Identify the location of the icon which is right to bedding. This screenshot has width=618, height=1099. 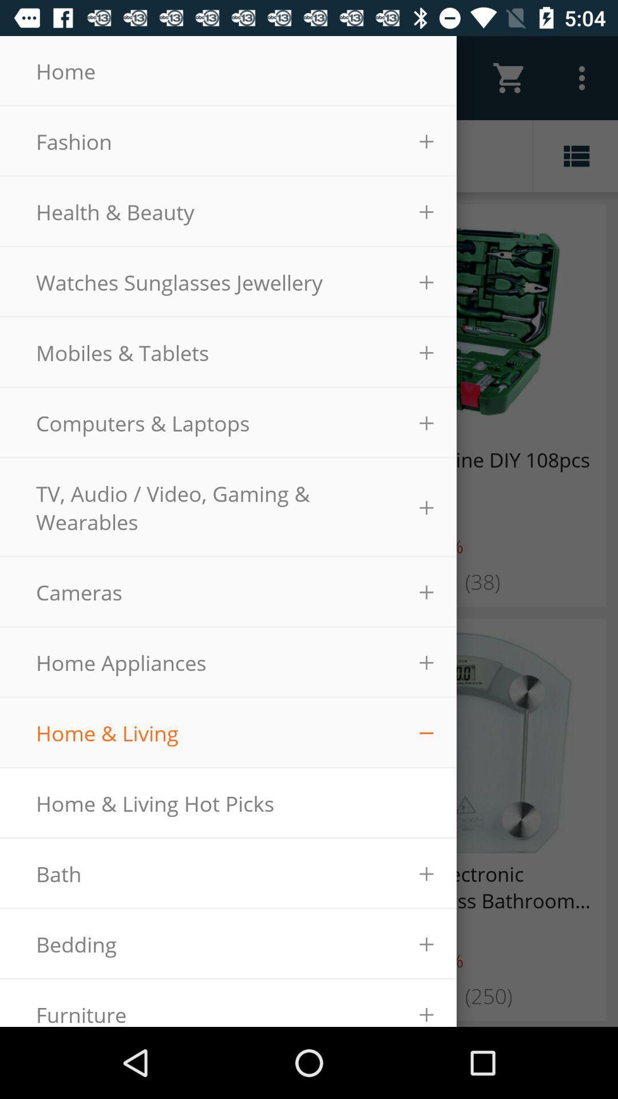
(426, 944).